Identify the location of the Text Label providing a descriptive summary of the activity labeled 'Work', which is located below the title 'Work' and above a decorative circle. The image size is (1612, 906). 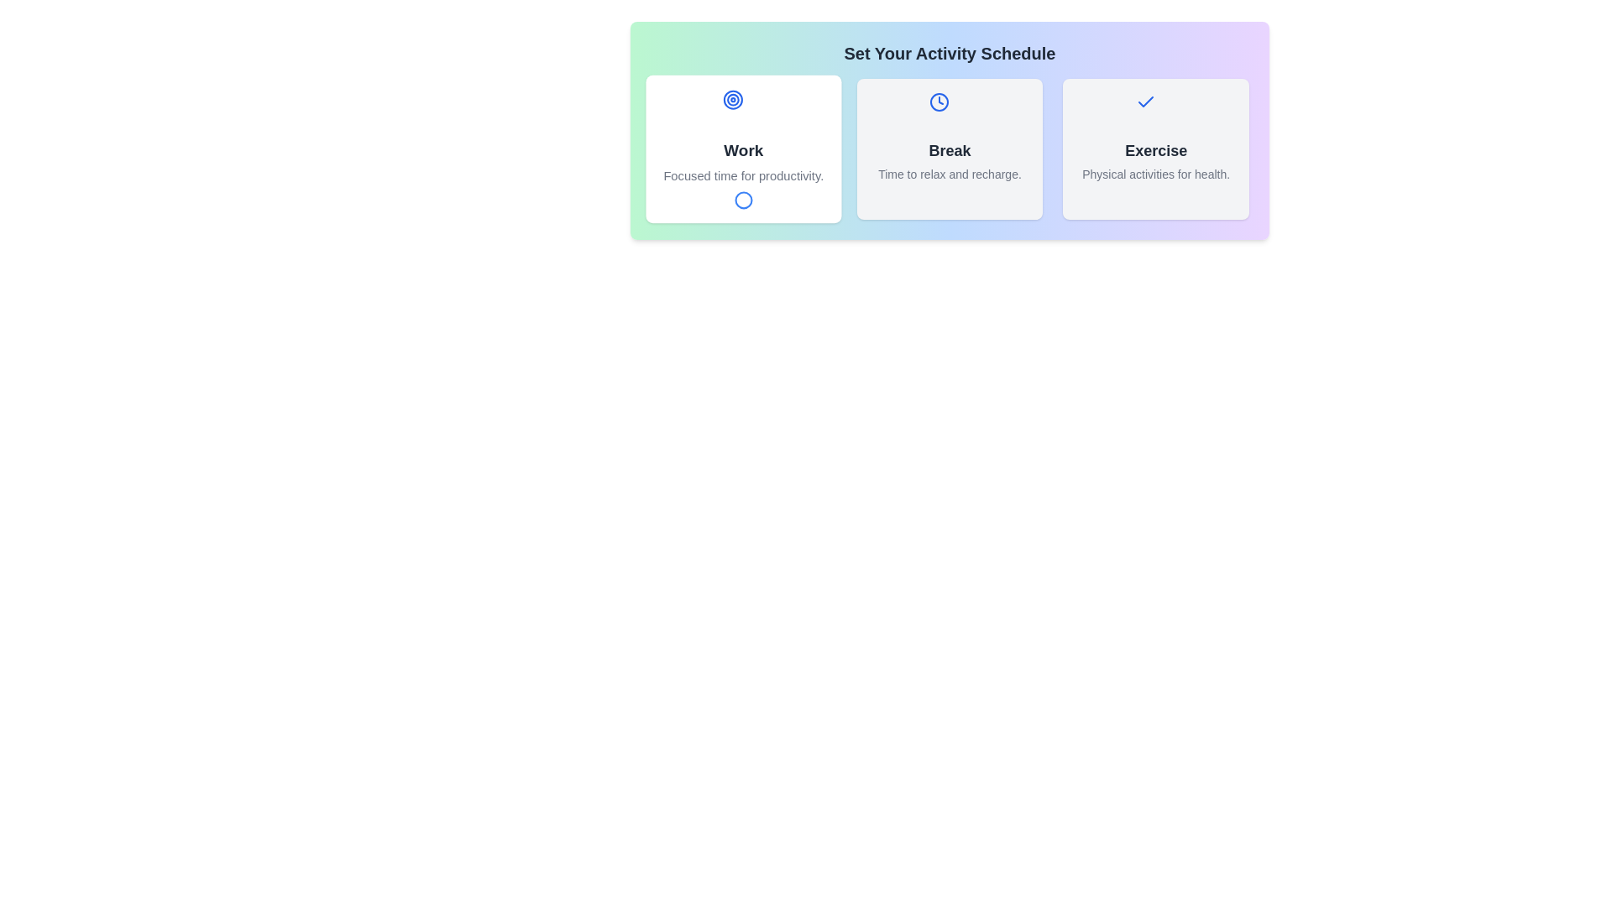
(742, 175).